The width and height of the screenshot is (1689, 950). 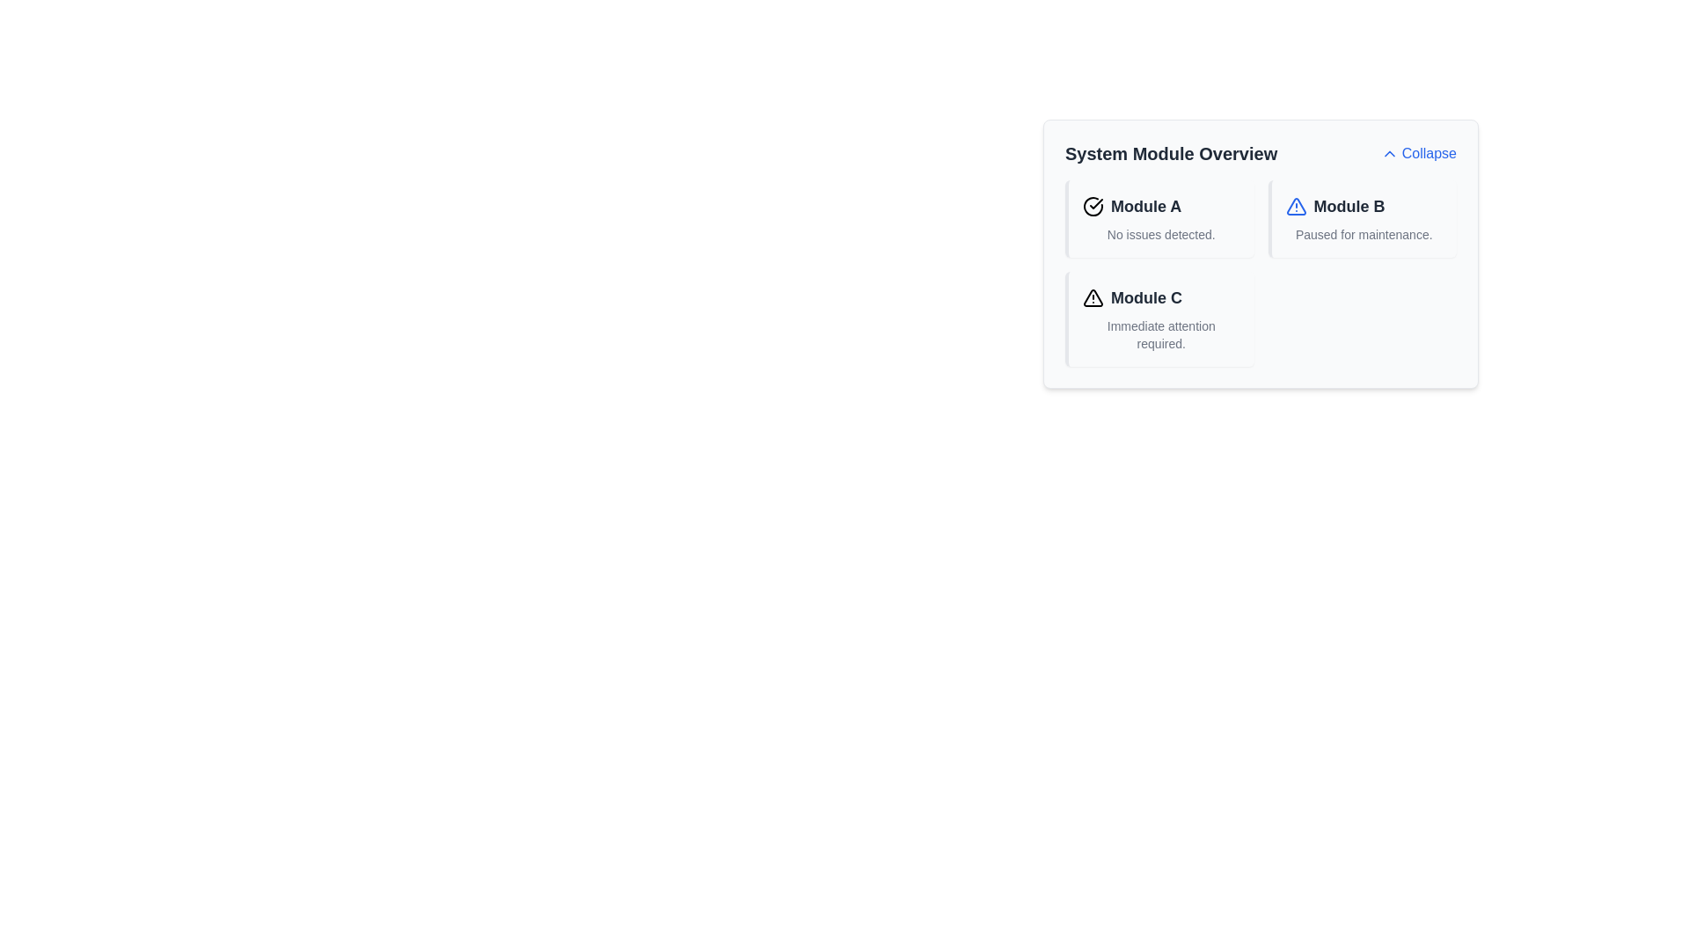 I want to click on the text label located in the upper-right corner of the 'System Module Overview' card-like layout, which is positioned to the right of an upward-facing chevron icon, so click(x=1429, y=152).